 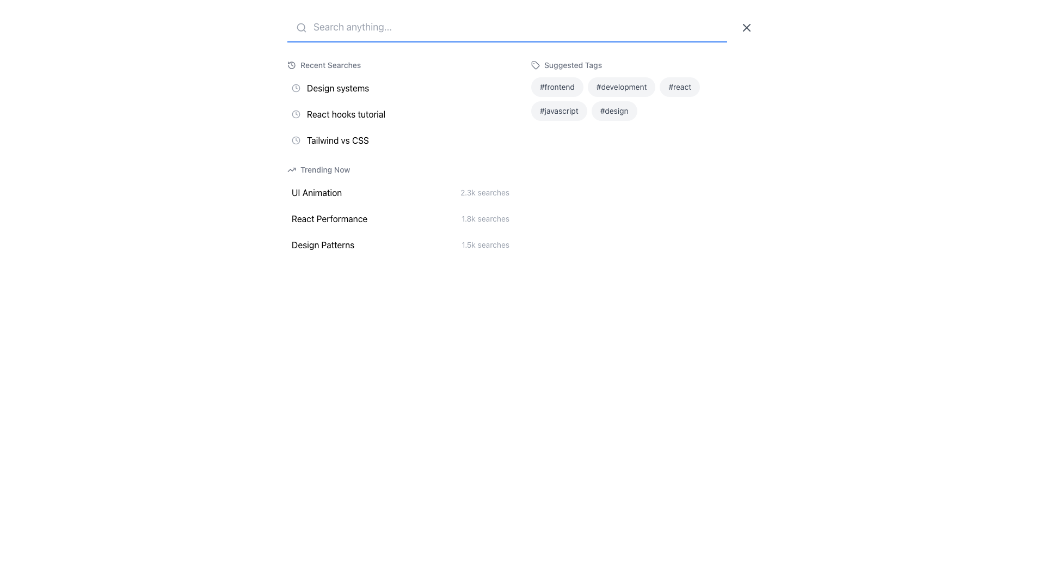 What do you see at coordinates (399, 157) in the screenshot?
I see `any listed search item in the 'Recent Searches' or 'Trending Now' section` at bounding box center [399, 157].